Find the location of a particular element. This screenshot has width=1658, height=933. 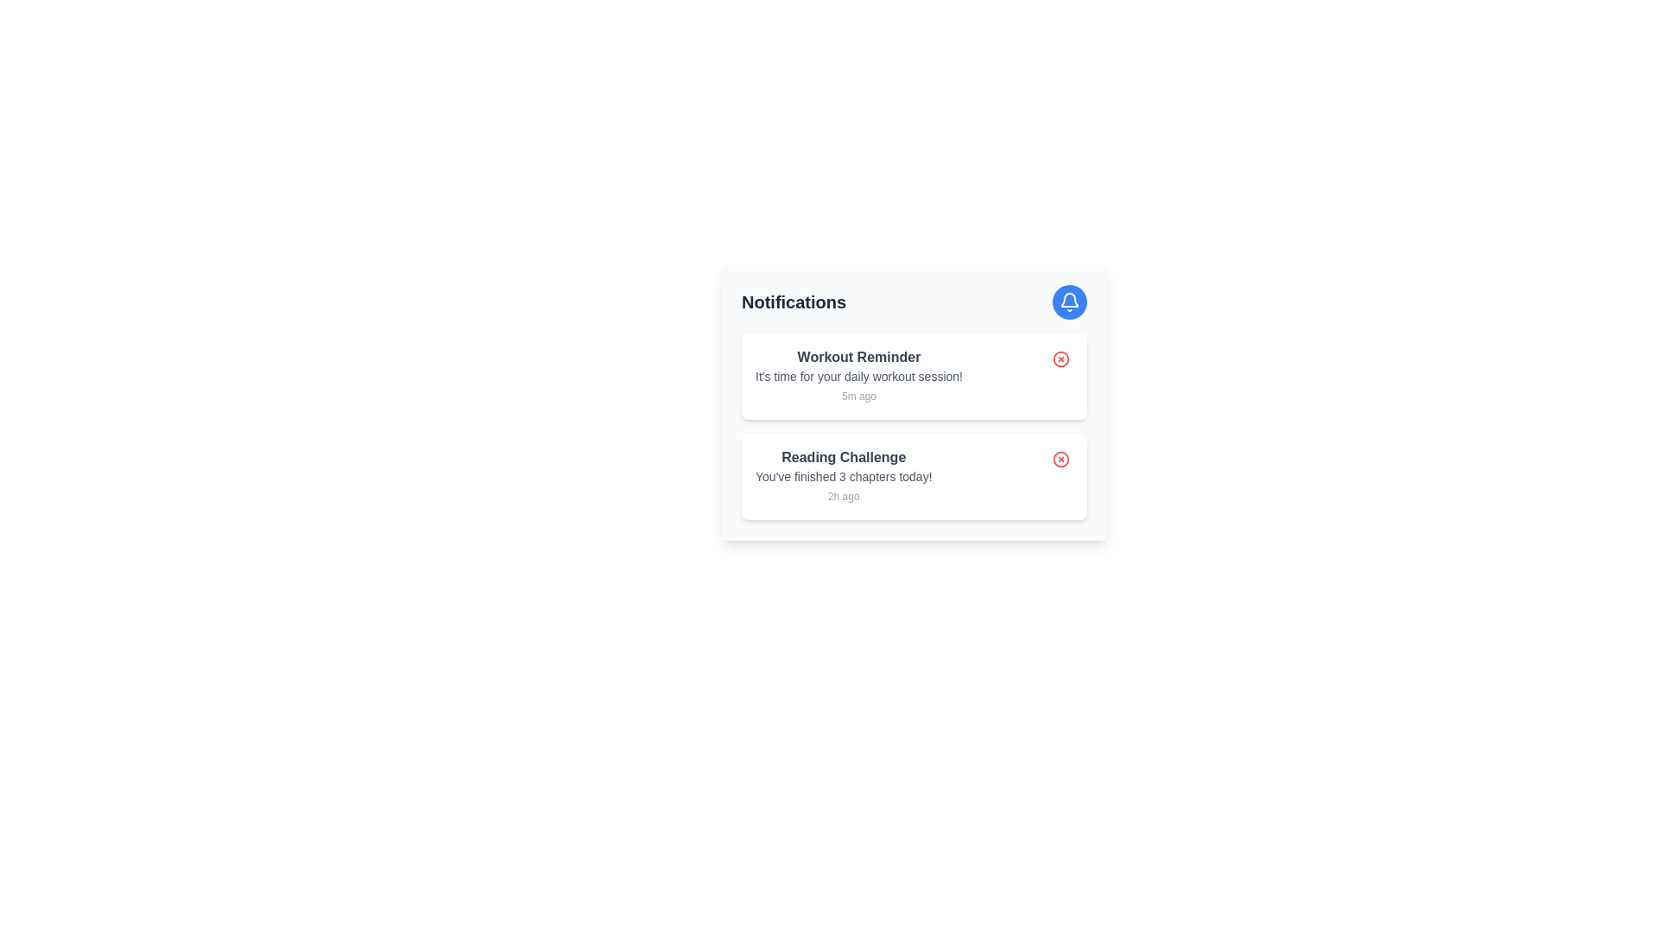

the circular blue button with a white bordered bell icon, located prominently to the right of the 'Notifications' text is located at coordinates (1068, 301).